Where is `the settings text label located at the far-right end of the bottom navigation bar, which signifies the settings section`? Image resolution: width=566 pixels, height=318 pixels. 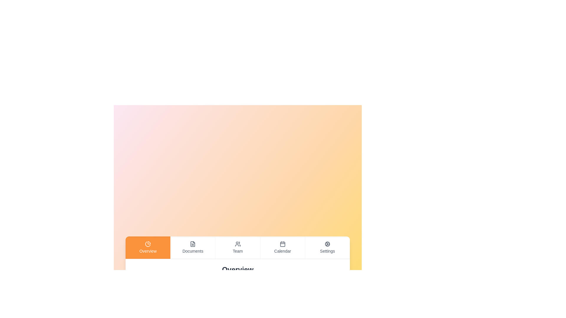 the settings text label located at the far-right end of the bottom navigation bar, which signifies the settings section is located at coordinates (327, 251).